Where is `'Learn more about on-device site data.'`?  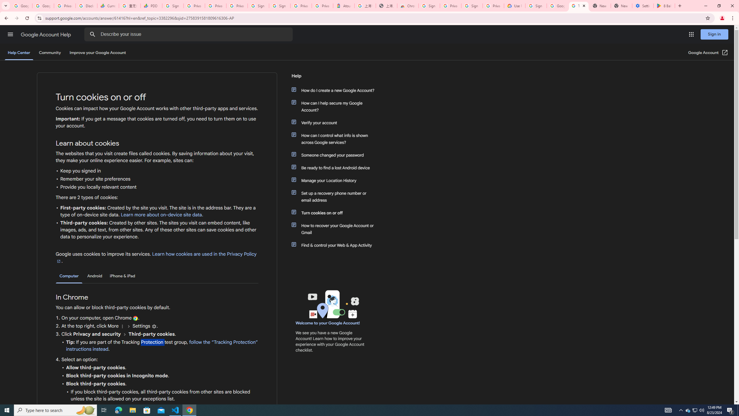 'Learn more about on-device site data.' is located at coordinates (161, 215).